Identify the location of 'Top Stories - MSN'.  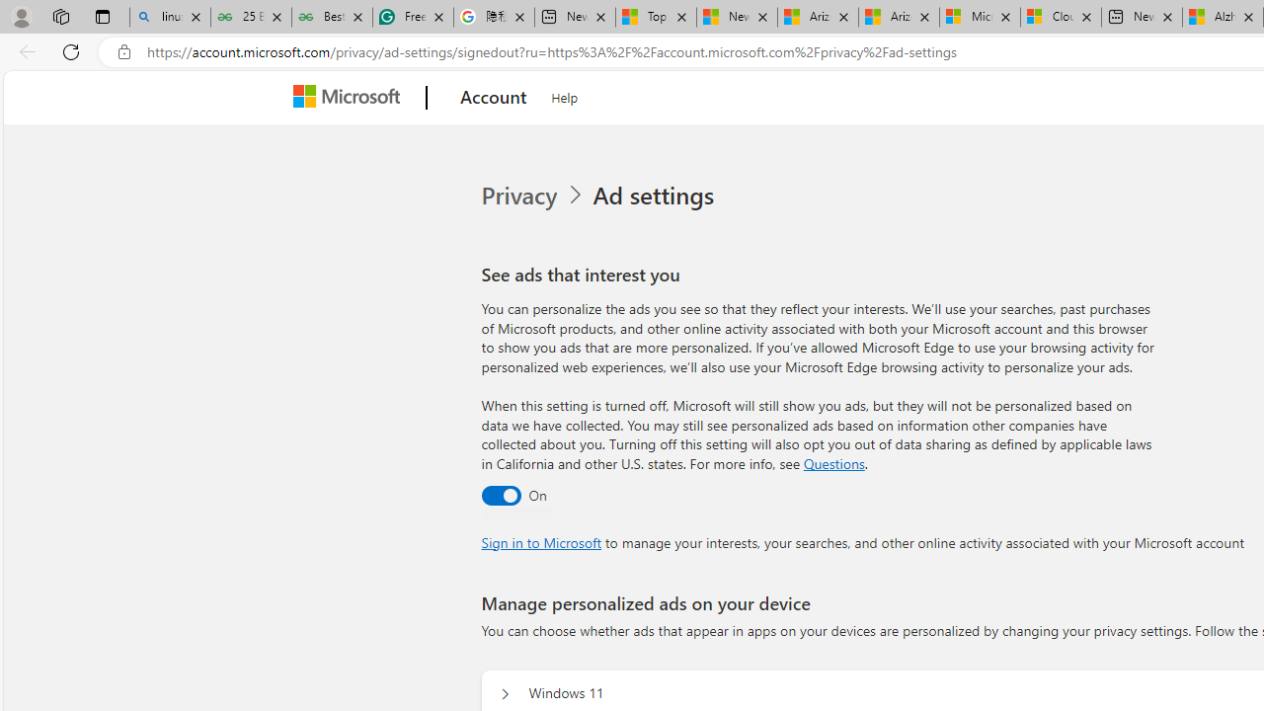
(656, 17).